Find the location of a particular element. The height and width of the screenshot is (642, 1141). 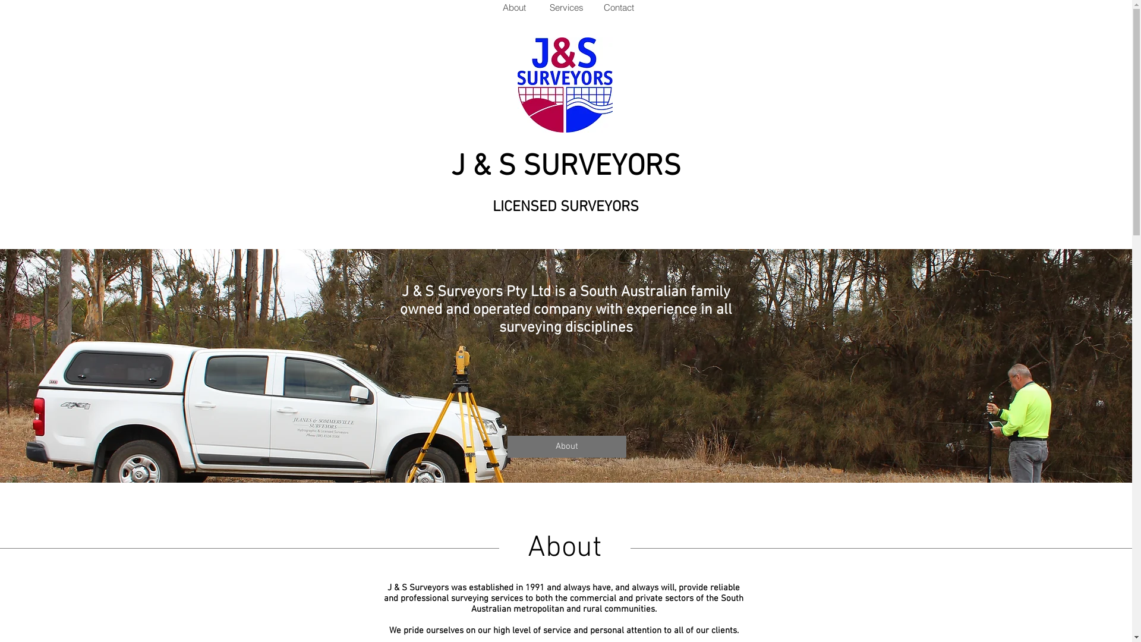

'J & S SURVEYORS' is located at coordinates (565, 167).